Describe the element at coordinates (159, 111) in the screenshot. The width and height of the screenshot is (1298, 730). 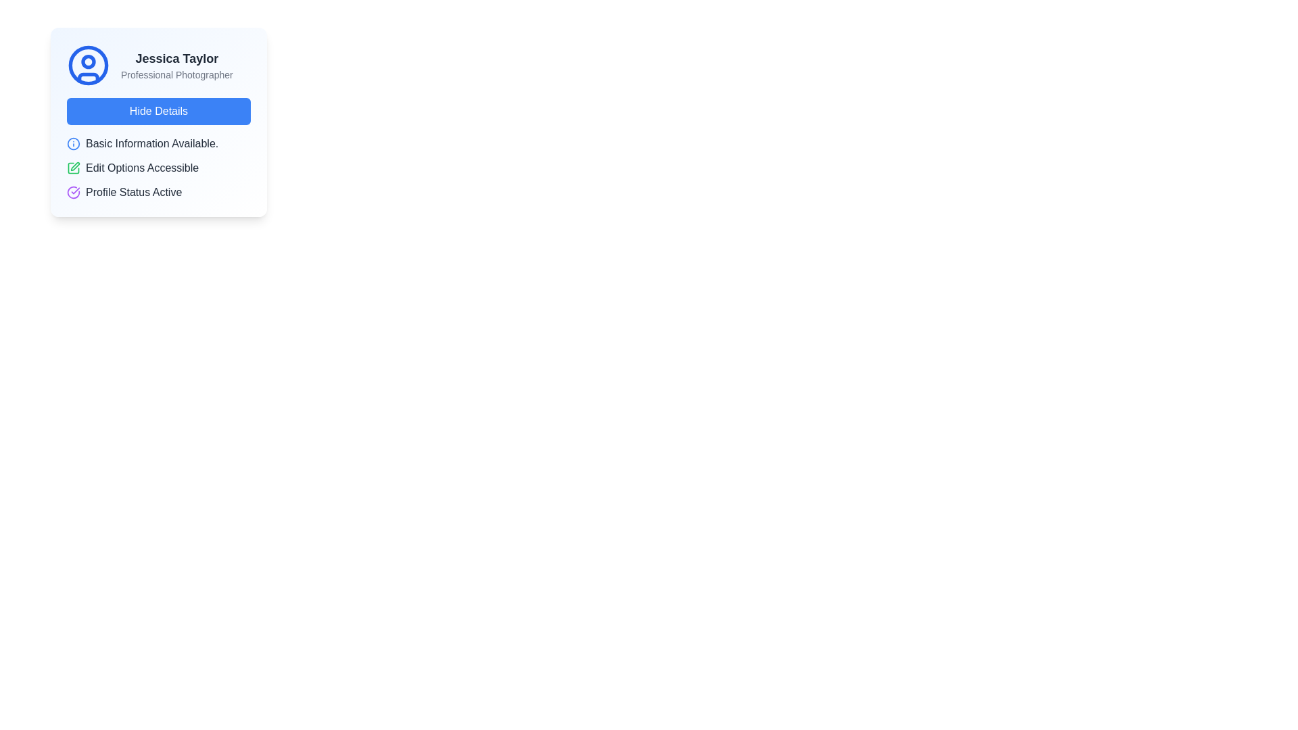
I see `the rectangular button with rounded corners that has a blue background and white text reading 'Hide Details' to observe its hover effect` at that location.